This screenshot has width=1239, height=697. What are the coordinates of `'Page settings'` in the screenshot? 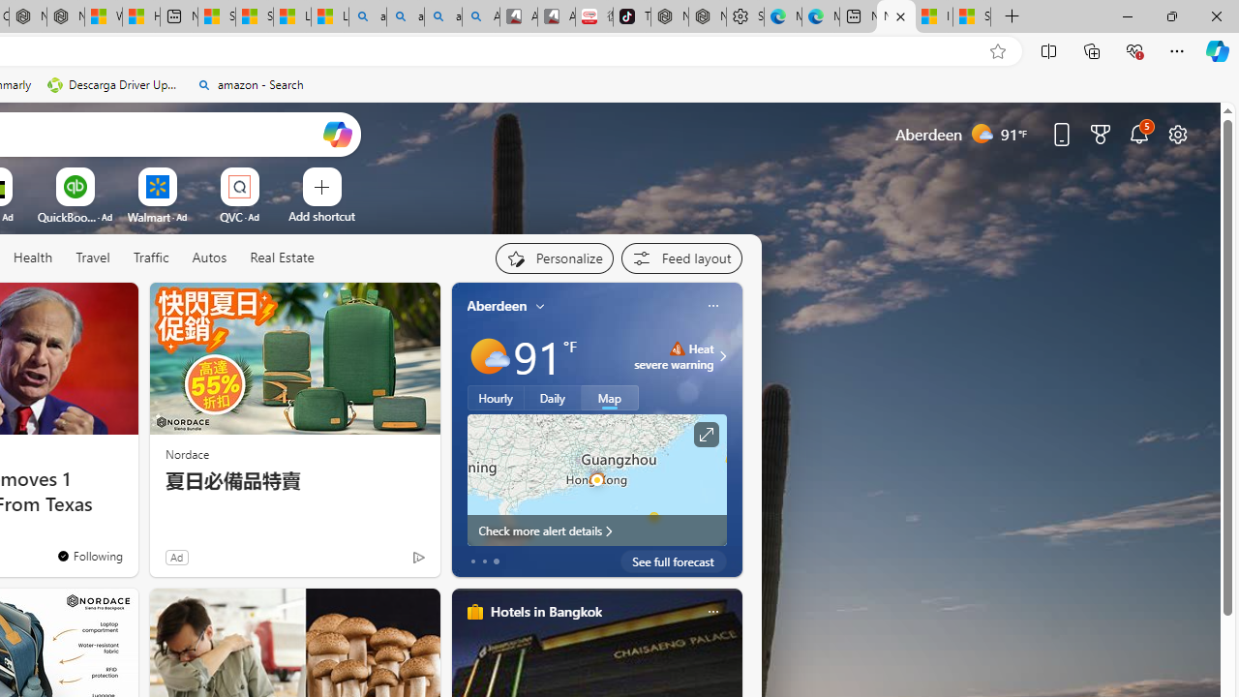 It's located at (1176, 133).